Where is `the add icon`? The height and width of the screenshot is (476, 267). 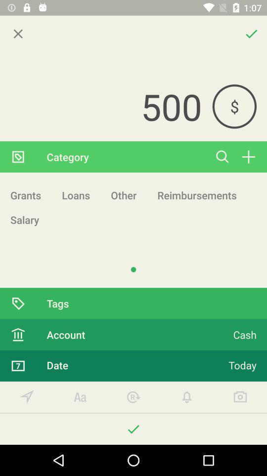
the add icon is located at coordinates (248, 157).